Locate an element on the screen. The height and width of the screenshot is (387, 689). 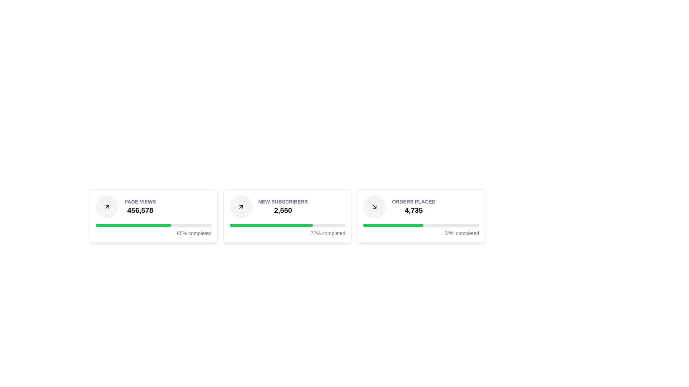
the text element displaying 'Orders Placed' in uppercase letters, located at the top-left of the rightmost card in a horizontal layout, above the numerical value '4,735' is located at coordinates (413, 202).